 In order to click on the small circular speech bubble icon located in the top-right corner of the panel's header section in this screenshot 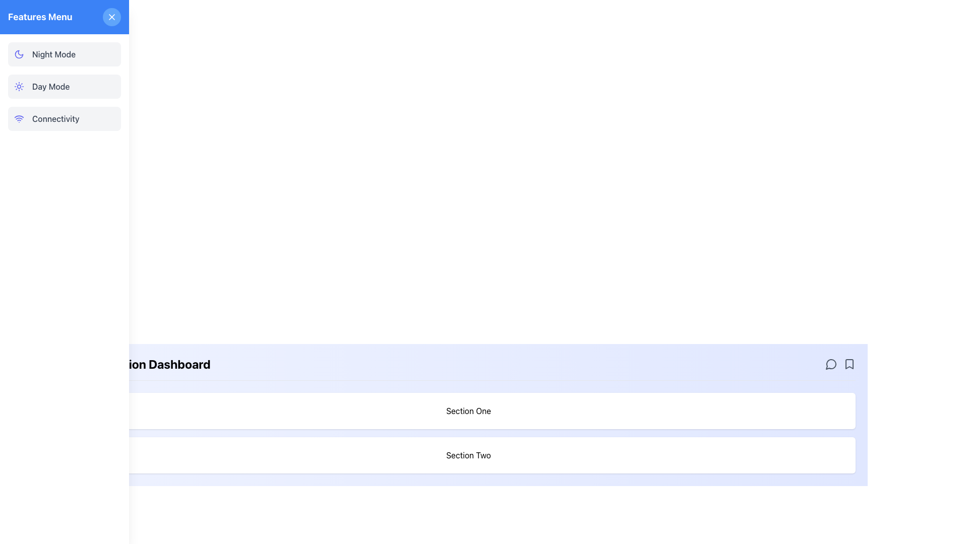, I will do `click(830, 364)`.